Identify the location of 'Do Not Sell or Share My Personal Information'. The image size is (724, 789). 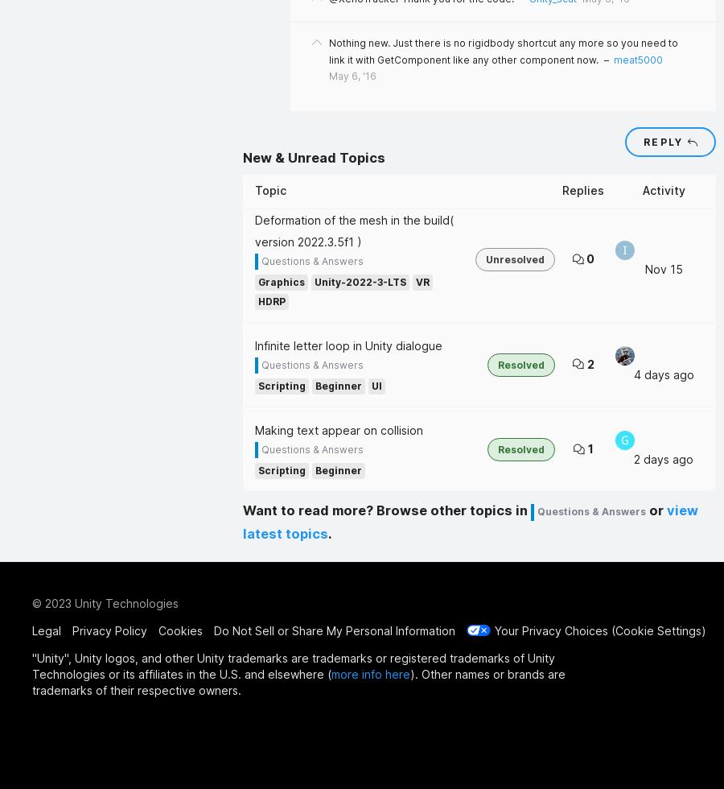
(334, 630).